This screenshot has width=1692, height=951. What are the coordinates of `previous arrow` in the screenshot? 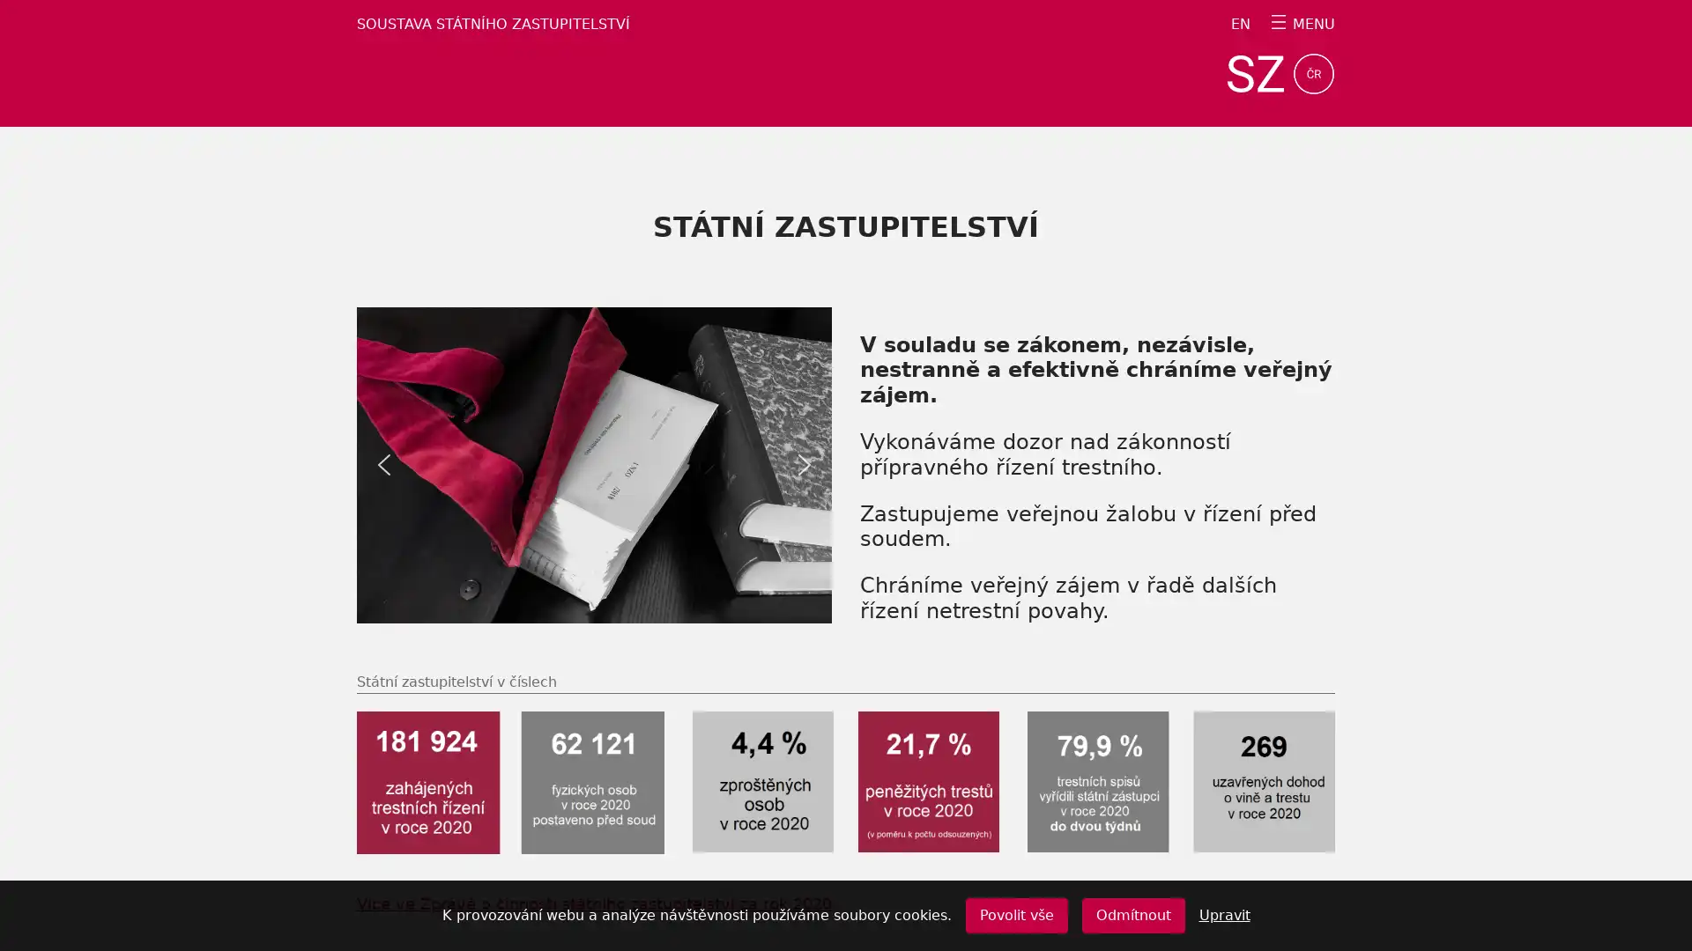 It's located at (383, 464).